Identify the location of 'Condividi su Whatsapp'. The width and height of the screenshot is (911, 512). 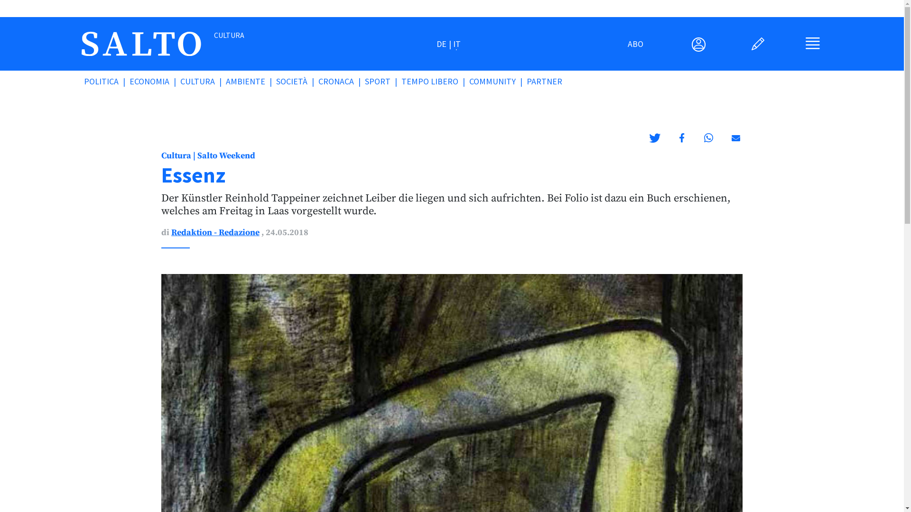
(701, 137).